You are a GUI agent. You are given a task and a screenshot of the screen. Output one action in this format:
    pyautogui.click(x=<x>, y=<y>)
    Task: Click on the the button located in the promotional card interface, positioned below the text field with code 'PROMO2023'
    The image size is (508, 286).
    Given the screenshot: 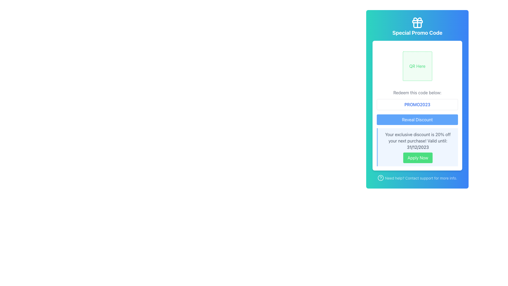 What is the action you would take?
    pyautogui.click(x=417, y=119)
    